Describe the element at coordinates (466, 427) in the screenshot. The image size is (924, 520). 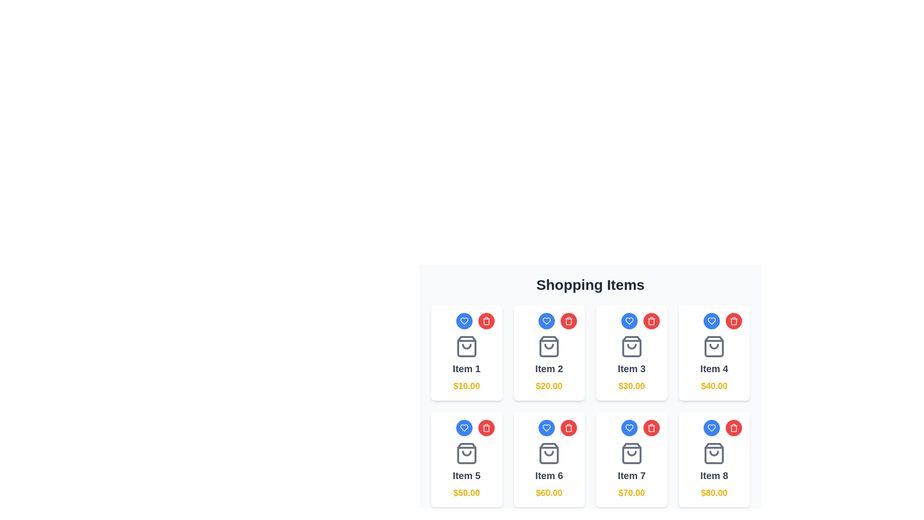
I see `the circular blue button with a white heart icon located at the top-left corner of the item card for 'Item 5' to favorite the item` at that location.